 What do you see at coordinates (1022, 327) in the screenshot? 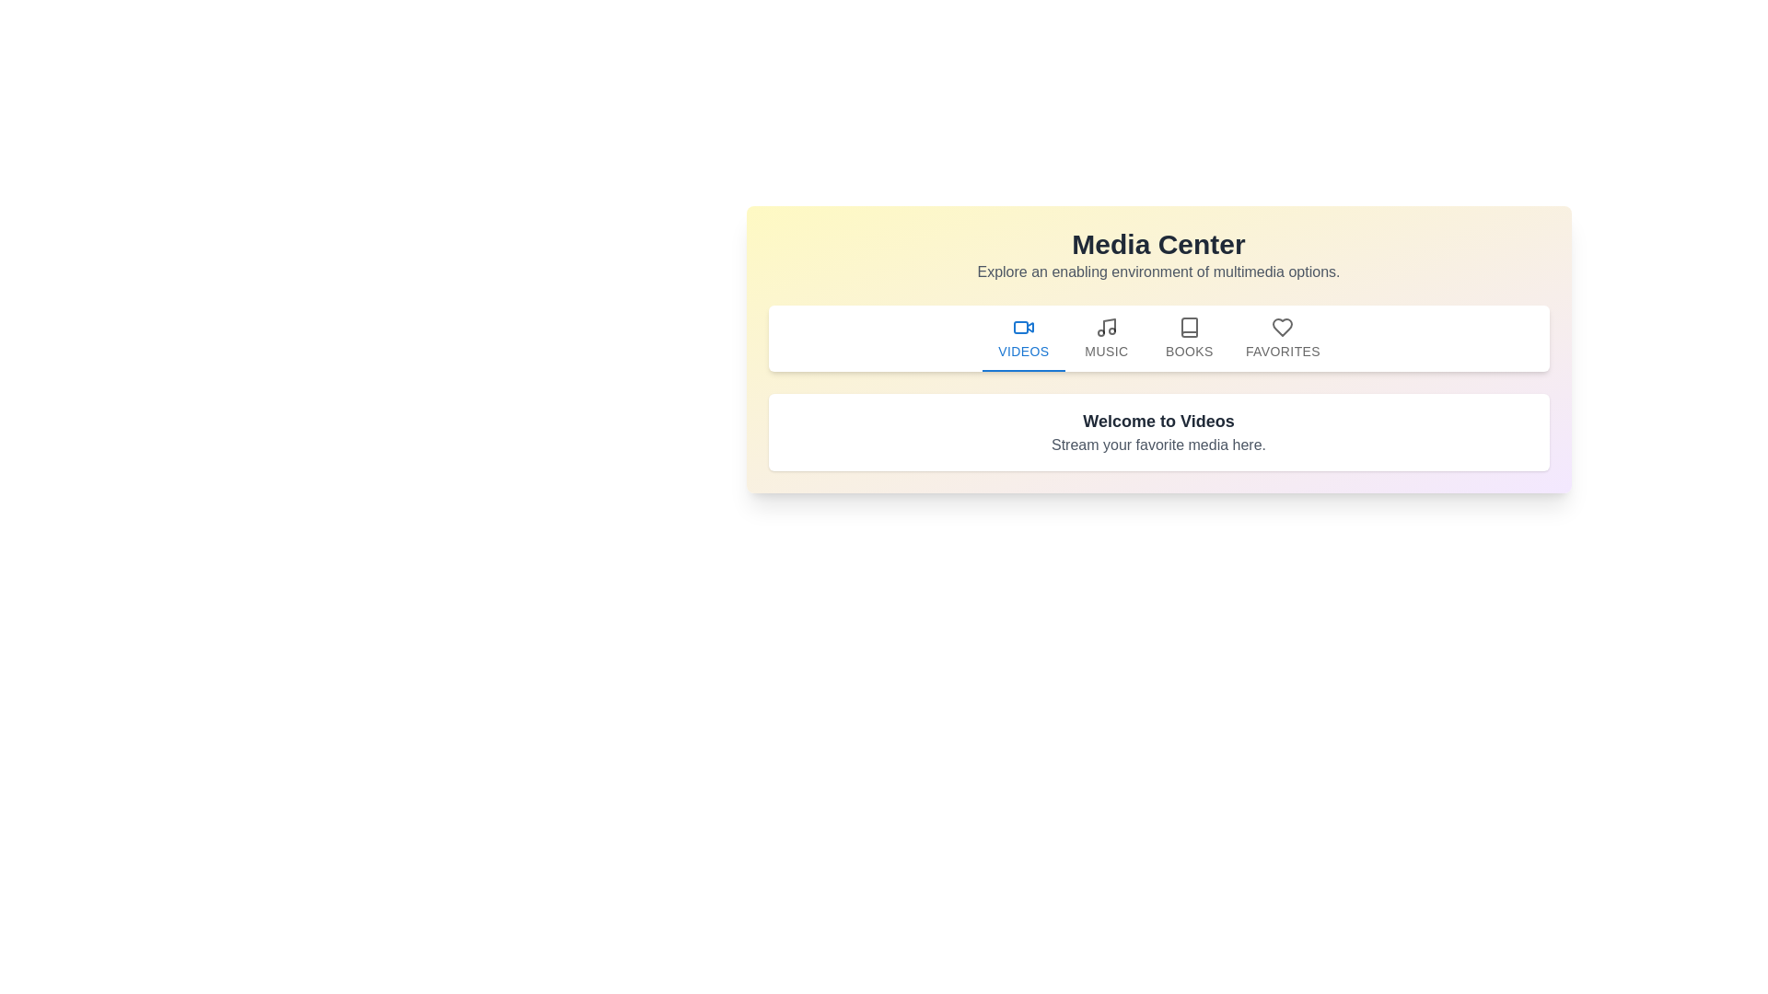
I see `the 'Videos' tab icon` at bounding box center [1022, 327].